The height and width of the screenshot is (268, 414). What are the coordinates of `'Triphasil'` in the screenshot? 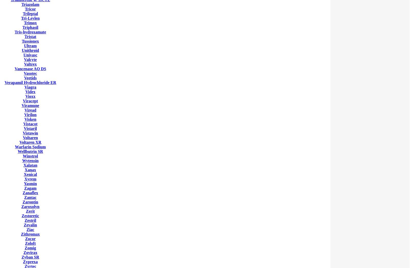 It's located at (30, 27).